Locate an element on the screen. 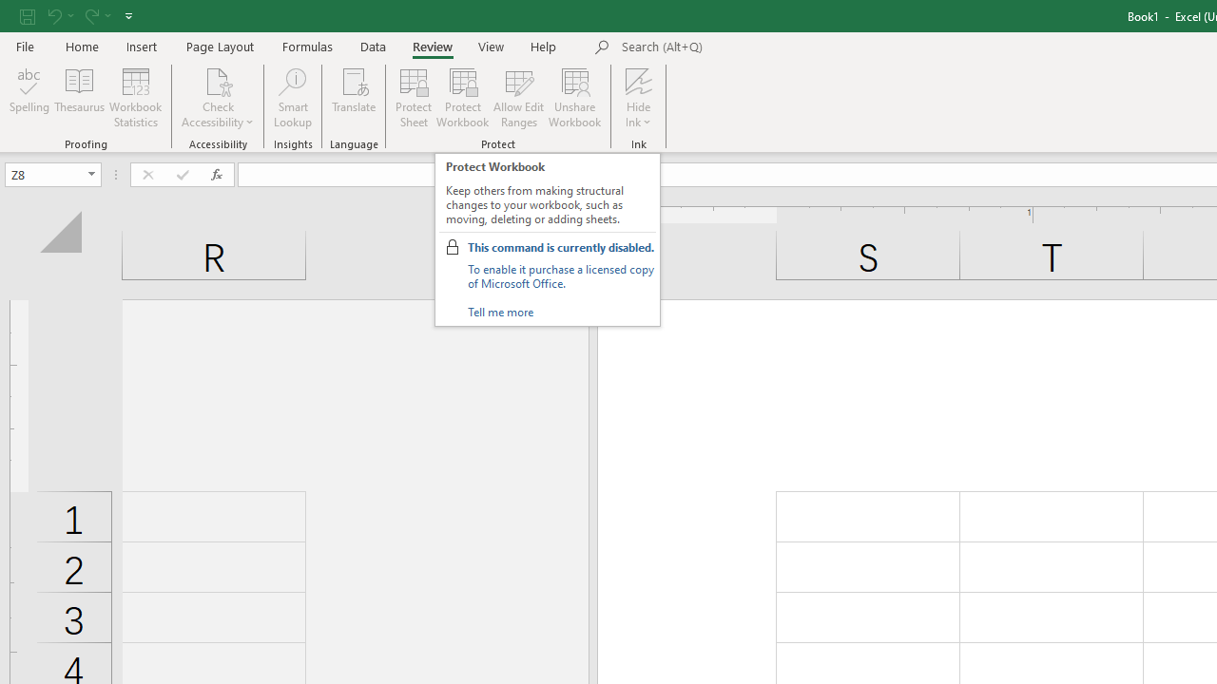 The width and height of the screenshot is (1217, 684). 'Workbook Statistics' is located at coordinates (134, 98).